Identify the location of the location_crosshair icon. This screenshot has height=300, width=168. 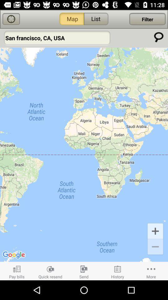
(11, 19).